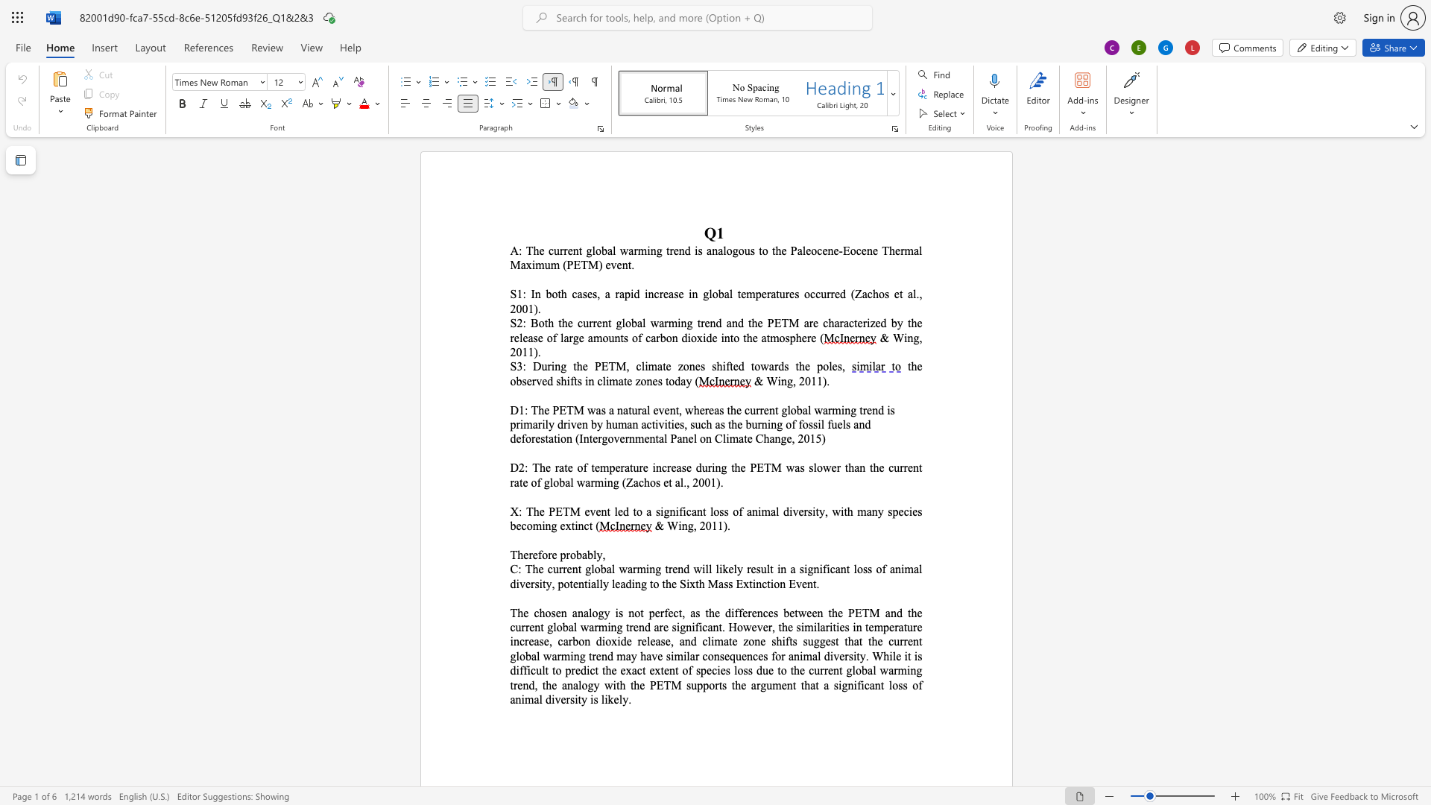 This screenshot has width=1431, height=805. What do you see at coordinates (623, 569) in the screenshot?
I see `the 1th character "w" in the text` at bounding box center [623, 569].